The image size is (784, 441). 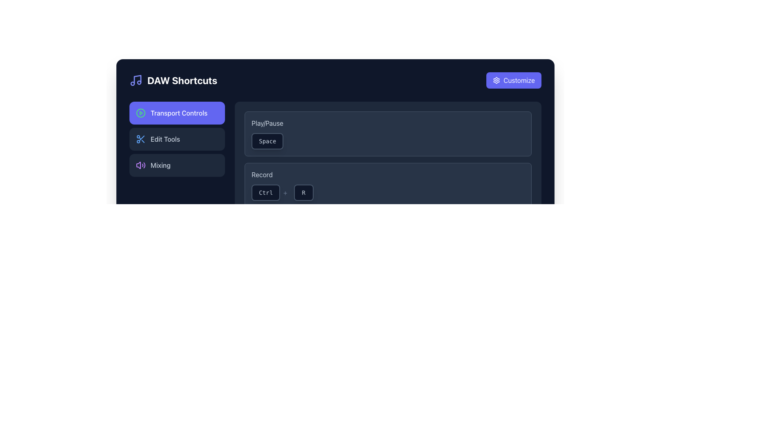 I want to click on the Circular SVG element that represents the 'Play' icon, located to the left of the 'Transport Controls' button in the sidebar, so click(x=141, y=113).